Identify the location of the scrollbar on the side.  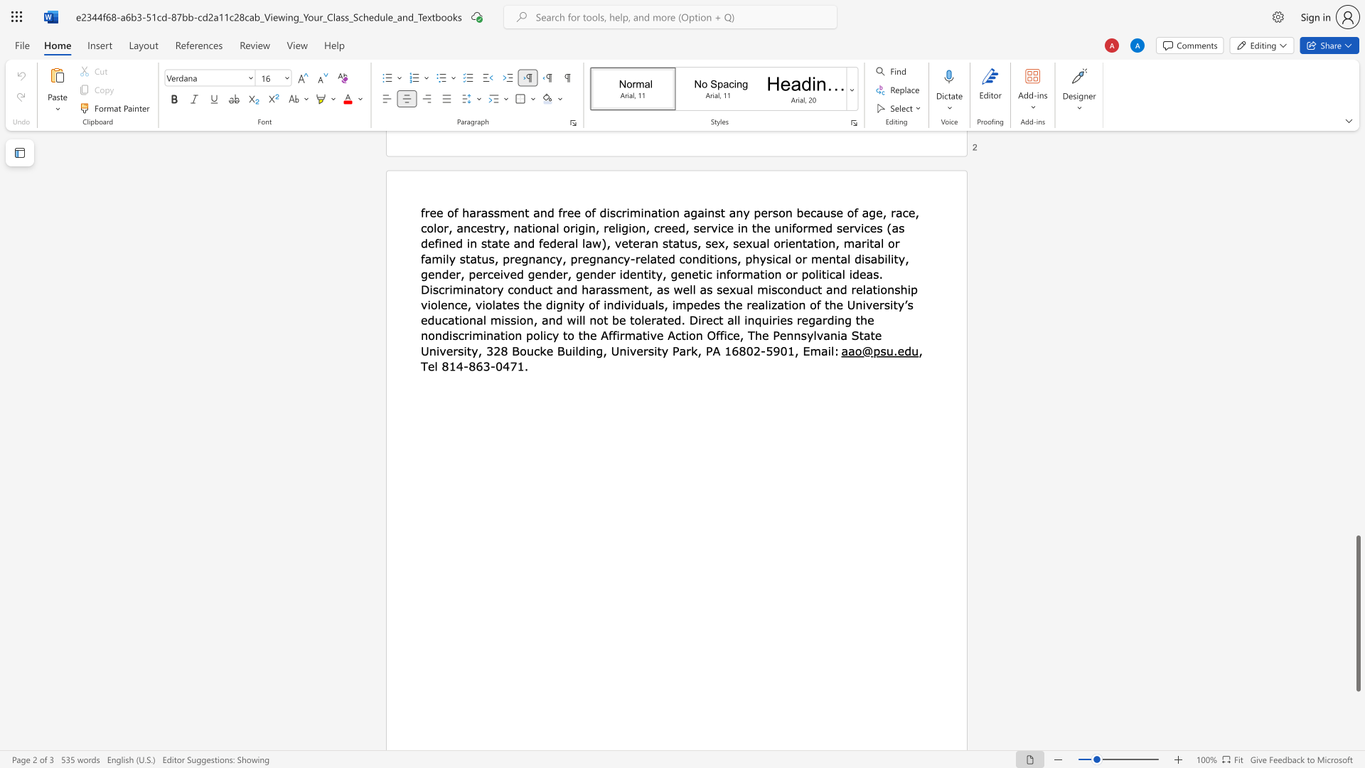
(1357, 503).